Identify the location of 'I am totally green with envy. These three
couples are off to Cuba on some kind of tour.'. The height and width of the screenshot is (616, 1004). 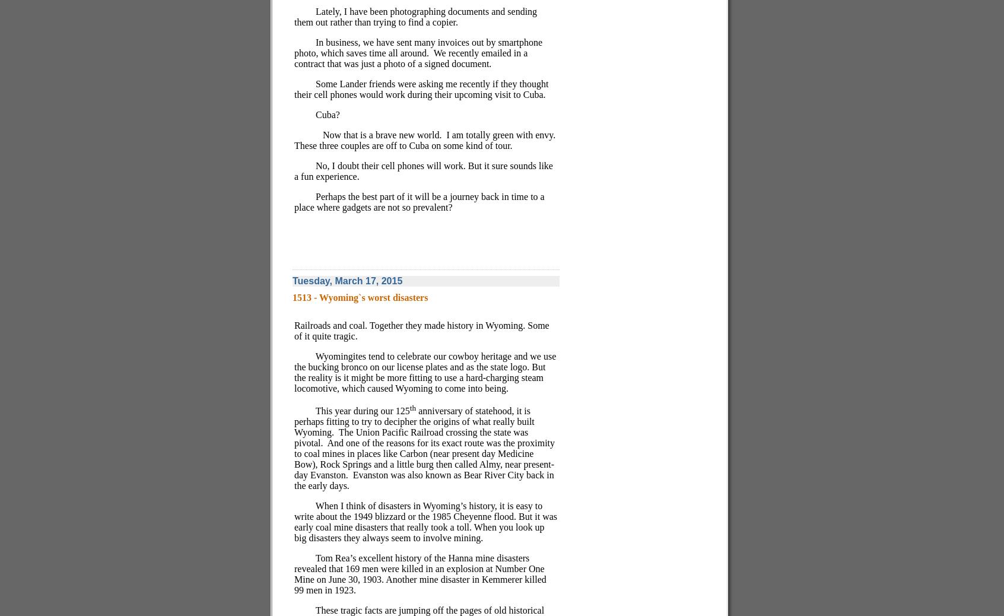
(424, 139).